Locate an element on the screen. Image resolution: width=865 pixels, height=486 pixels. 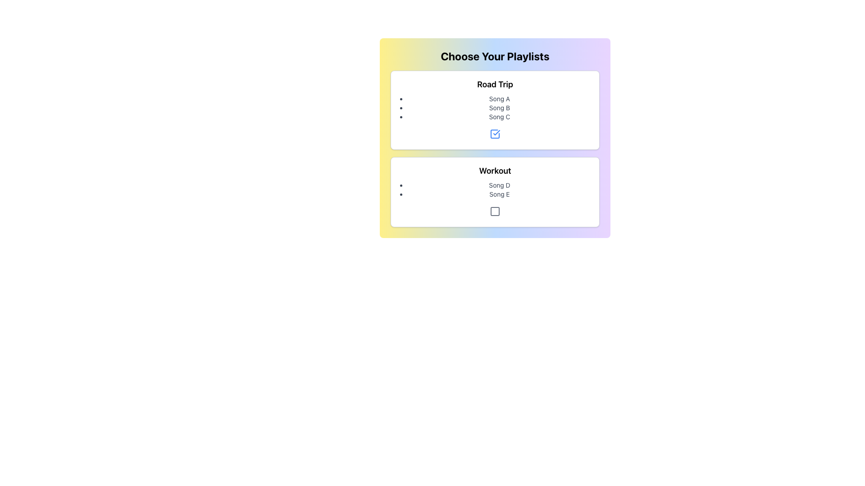
the Bullet Point List element that displays the songs in the 'Workout' playlist, located below the title 'Workout' is located at coordinates (495, 189).